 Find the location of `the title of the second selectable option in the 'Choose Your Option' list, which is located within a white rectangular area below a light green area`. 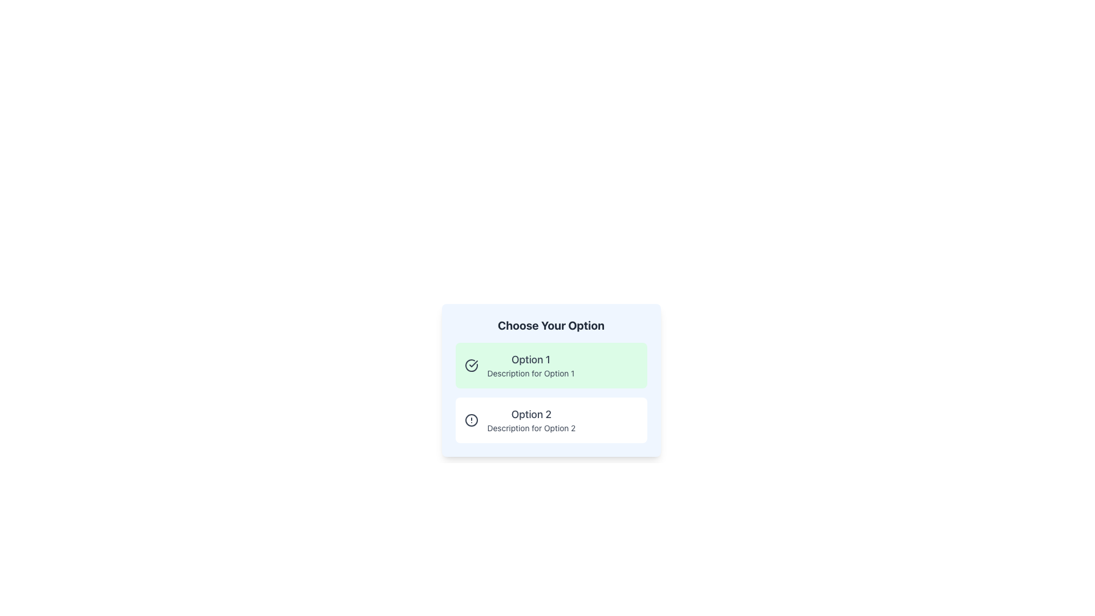

the title of the second selectable option in the 'Choose Your Option' list, which is located within a white rectangular area below a light green area is located at coordinates (530, 414).